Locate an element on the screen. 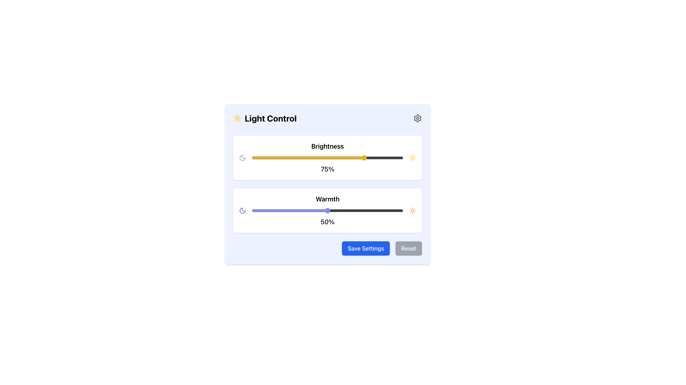 This screenshot has width=686, height=385. warmth is located at coordinates (336, 210).